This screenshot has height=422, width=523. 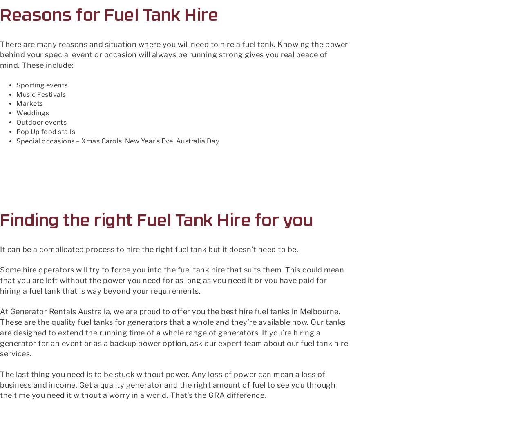 I want to click on 'Special occasions – Xmas Carols, New Year’s Eve, Australia Day', so click(x=117, y=140).